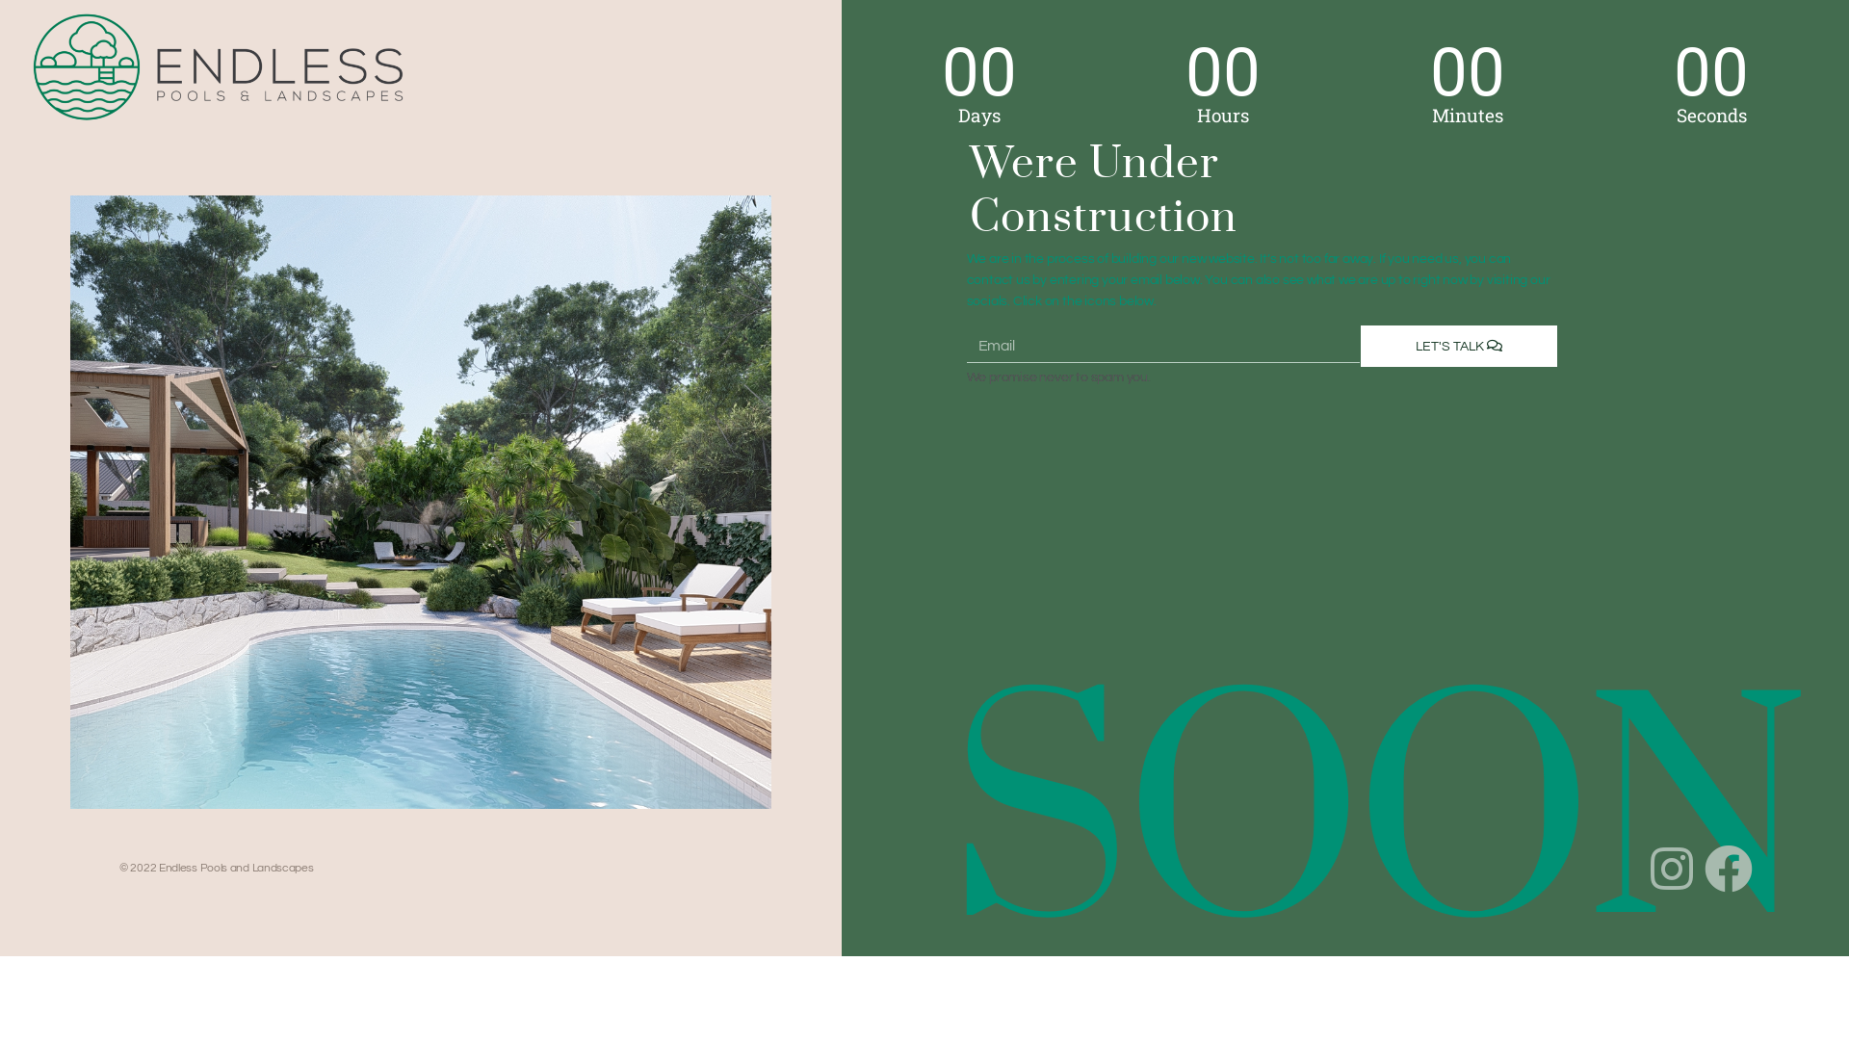  Describe the element at coordinates (1459, 345) in the screenshot. I see `'LET'S TALK'` at that location.